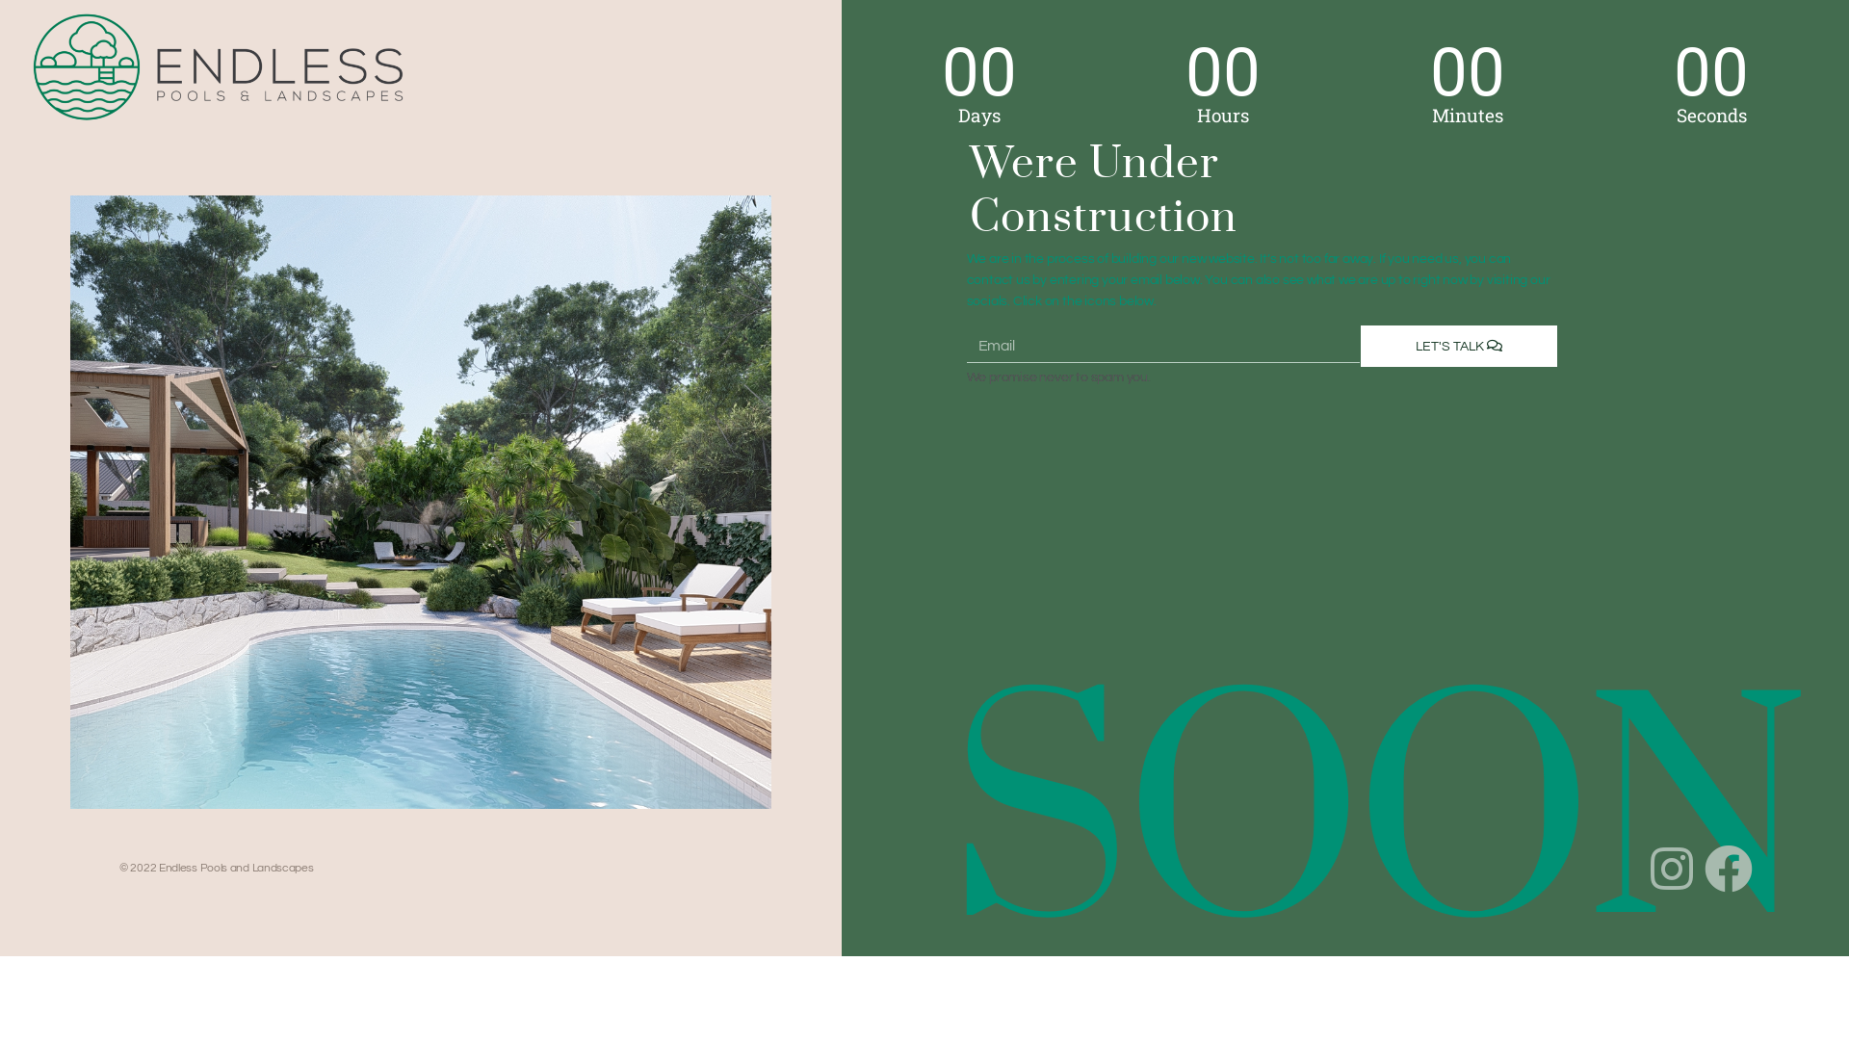  Describe the element at coordinates (1459, 345) in the screenshot. I see `'LET'S TALK'` at that location.